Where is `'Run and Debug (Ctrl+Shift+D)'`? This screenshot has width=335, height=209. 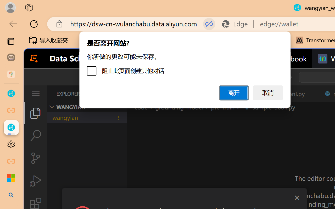 'Run and Debug (Ctrl+Shift+D)' is located at coordinates (35, 181).